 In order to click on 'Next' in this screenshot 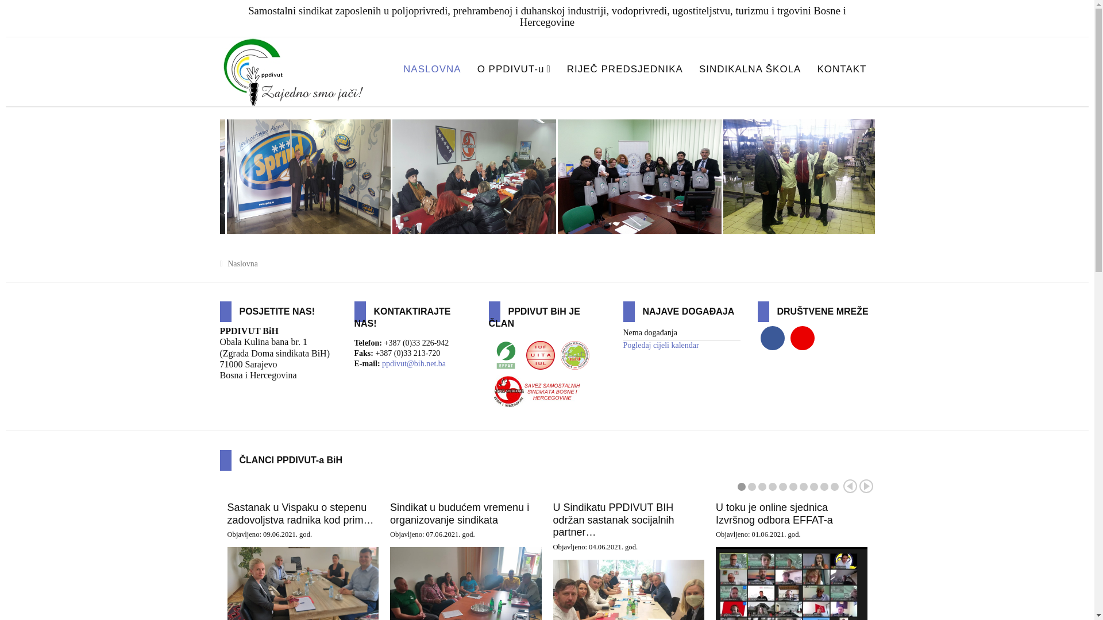, I will do `click(866, 486)`.